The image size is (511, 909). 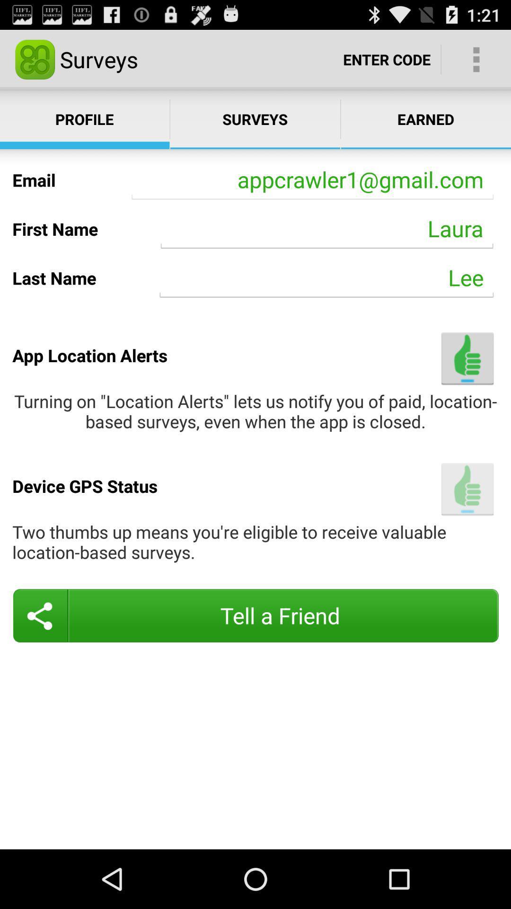 What do you see at coordinates (467, 489) in the screenshot?
I see `the item above the two thumbs up` at bounding box center [467, 489].